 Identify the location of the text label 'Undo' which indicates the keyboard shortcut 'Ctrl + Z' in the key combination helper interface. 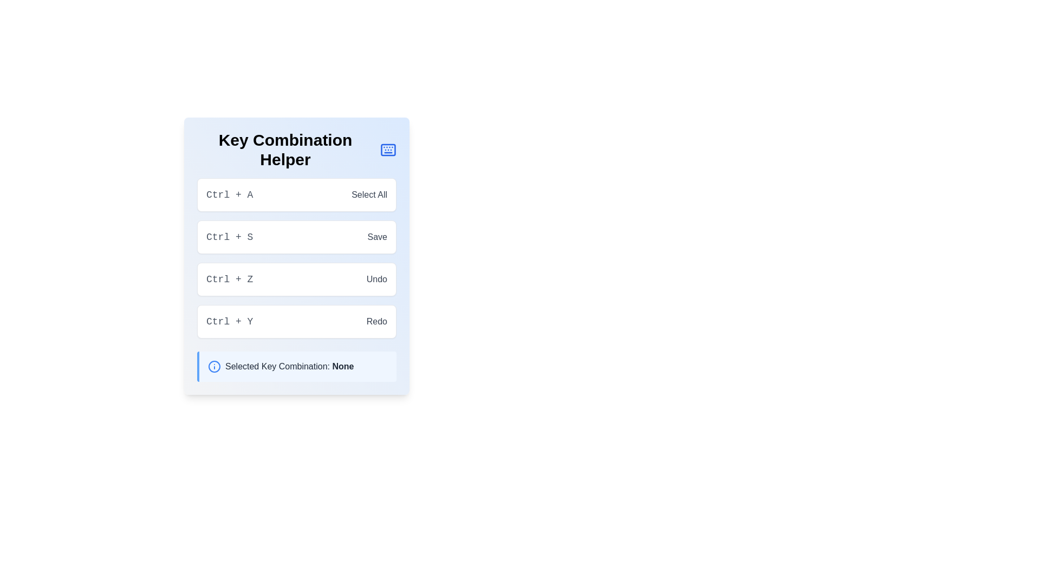
(376, 279).